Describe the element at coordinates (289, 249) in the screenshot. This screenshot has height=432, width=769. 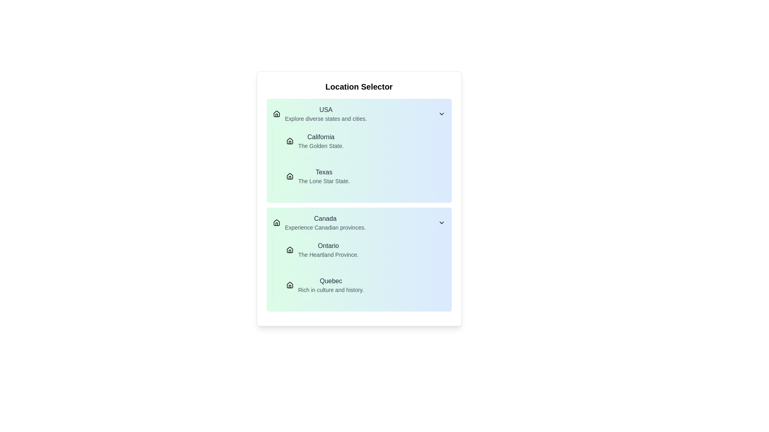
I see `the decorative home icon representing the 'Ontario' section, which is positioned to the left of the text 'Ontario The Heartland Province.'` at that location.